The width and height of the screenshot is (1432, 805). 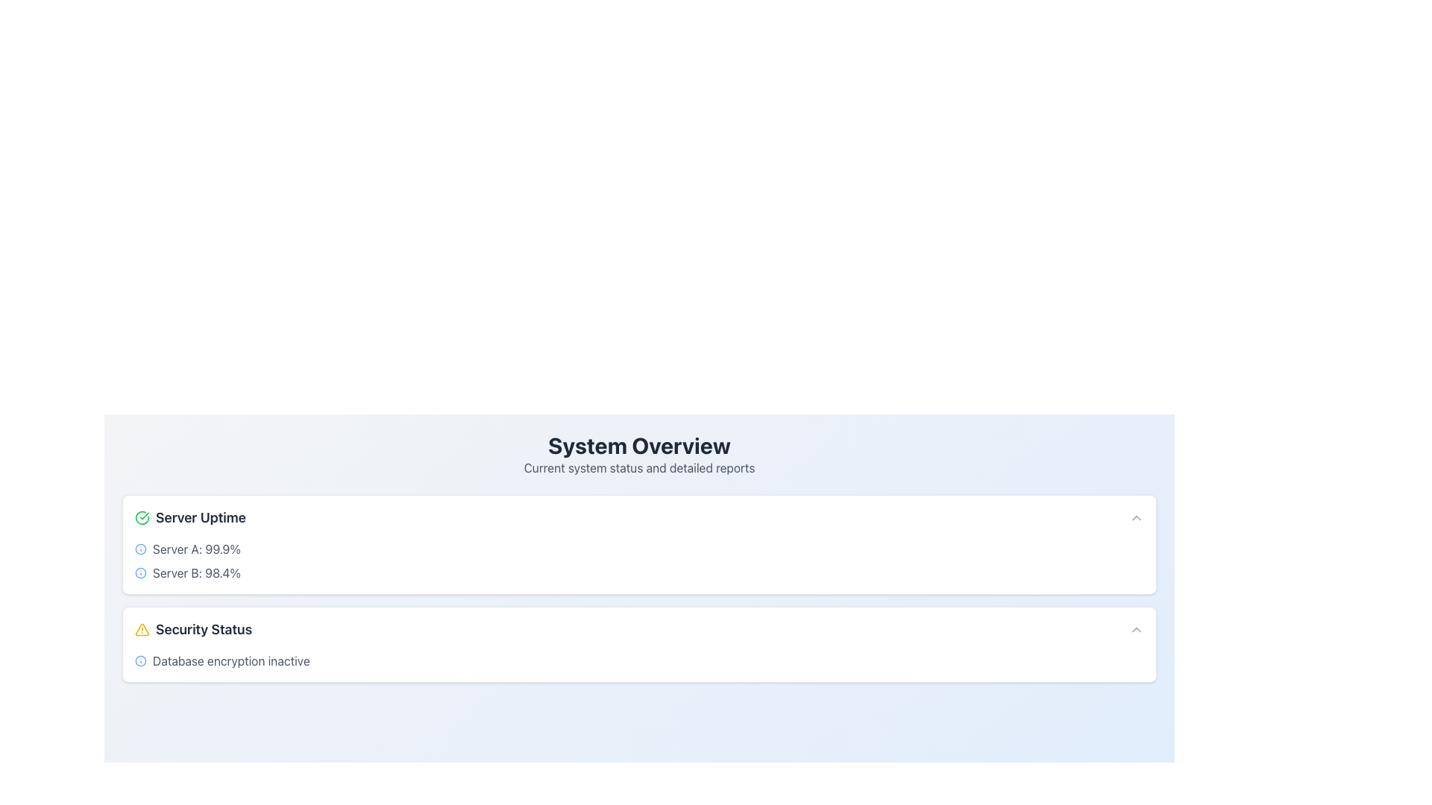 I want to click on the yellow-bordered triangular alert icon with an exclamation mark inside, located in the lower section of the interface within the 'Security Status' card, so click(x=142, y=629).